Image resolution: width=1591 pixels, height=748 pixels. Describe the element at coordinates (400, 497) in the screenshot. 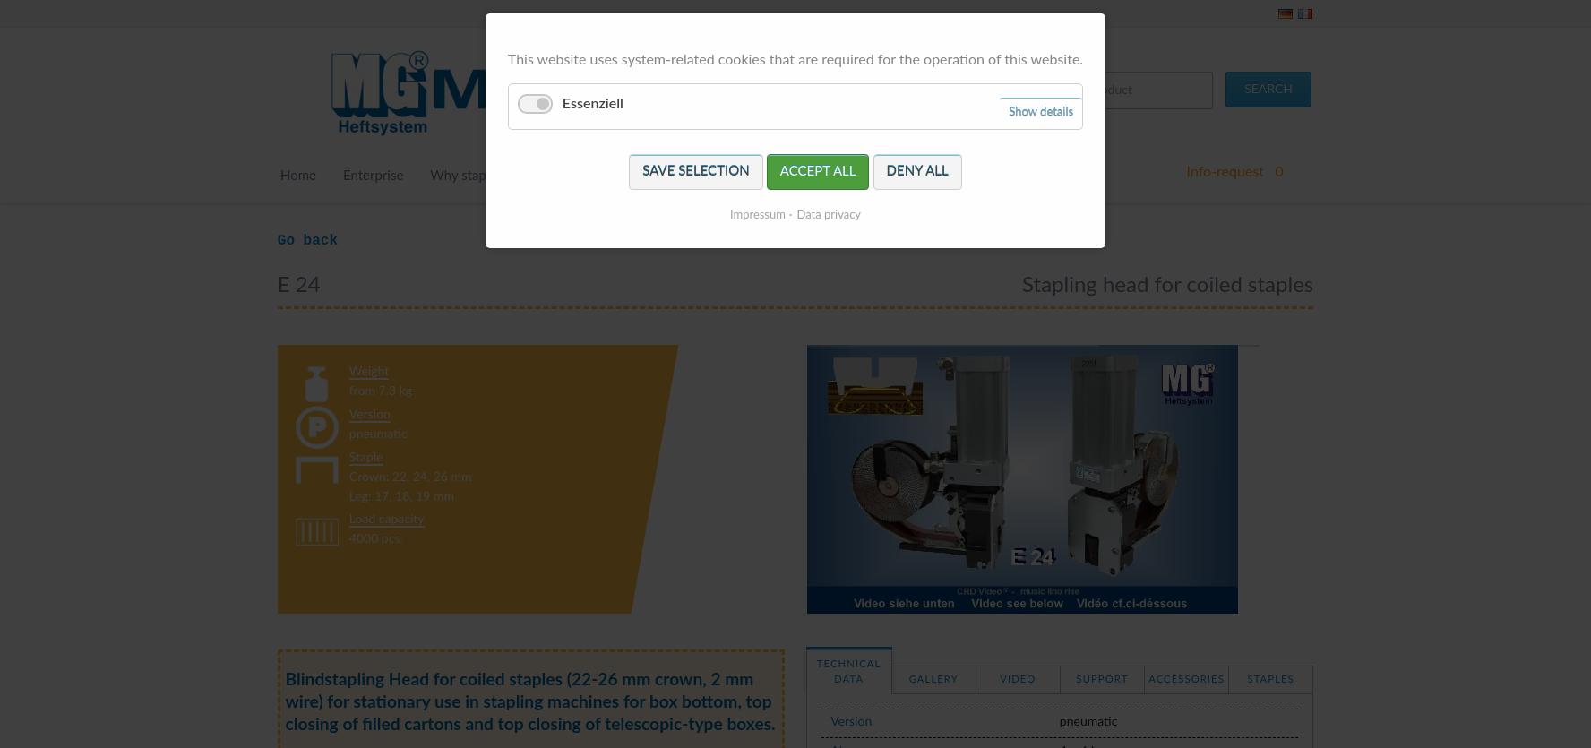

I see `'Leg: 17, 18, 19 mm'` at that location.